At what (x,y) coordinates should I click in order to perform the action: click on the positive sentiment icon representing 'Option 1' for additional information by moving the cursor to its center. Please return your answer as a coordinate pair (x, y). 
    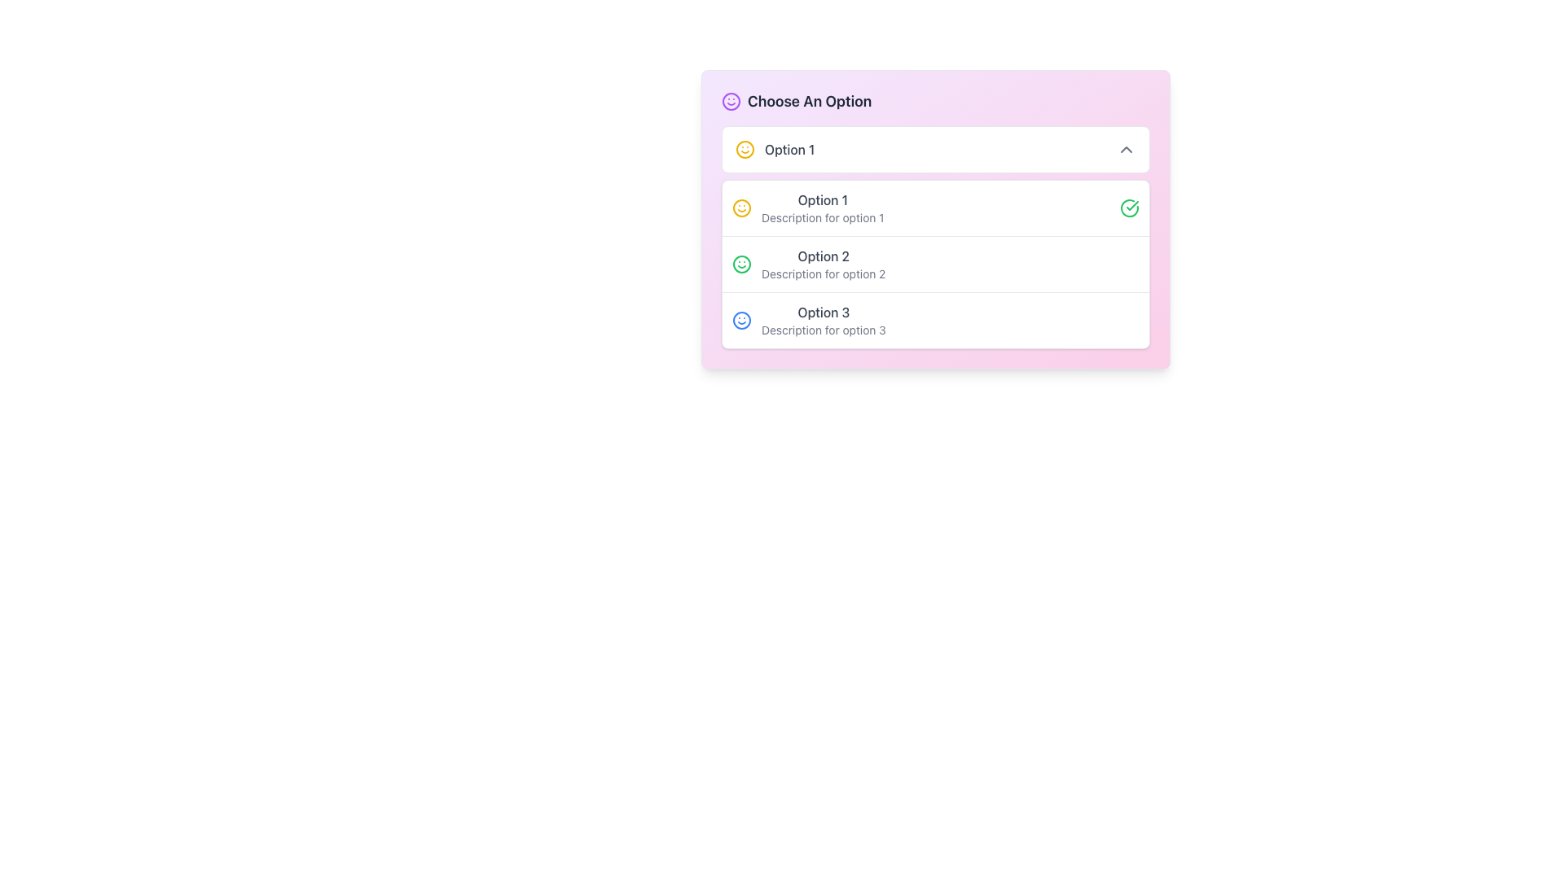
    Looking at the image, I should click on (741, 207).